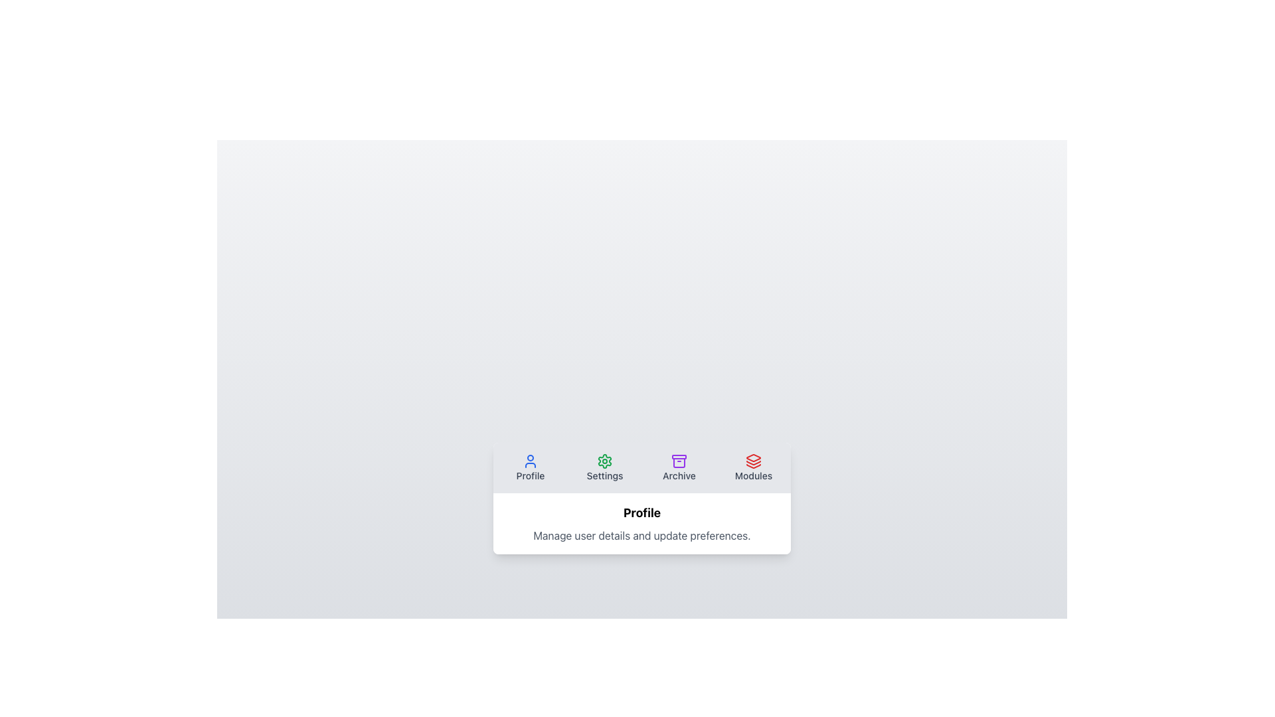 Image resolution: width=1275 pixels, height=717 pixels. What do you see at coordinates (529, 460) in the screenshot?
I see `the clickable visual icon for the 'Profile' menu option, which is the first item in the horizontal menu at the top center of the interface` at bounding box center [529, 460].